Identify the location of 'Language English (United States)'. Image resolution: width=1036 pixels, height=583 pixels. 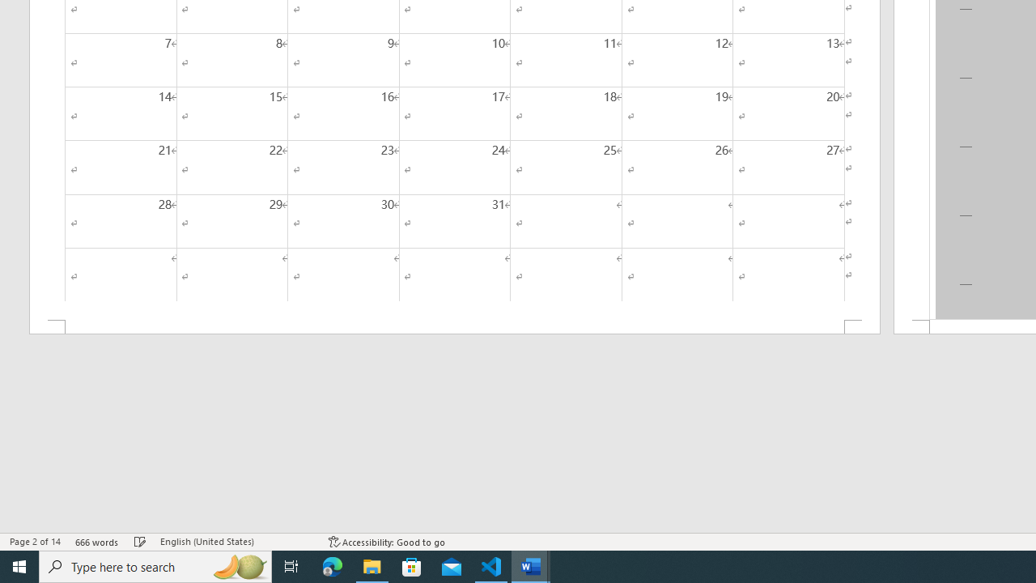
(236, 542).